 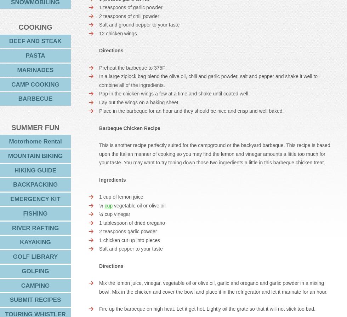 I want to click on 'CAMP COOKING', so click(x=35, y=84).